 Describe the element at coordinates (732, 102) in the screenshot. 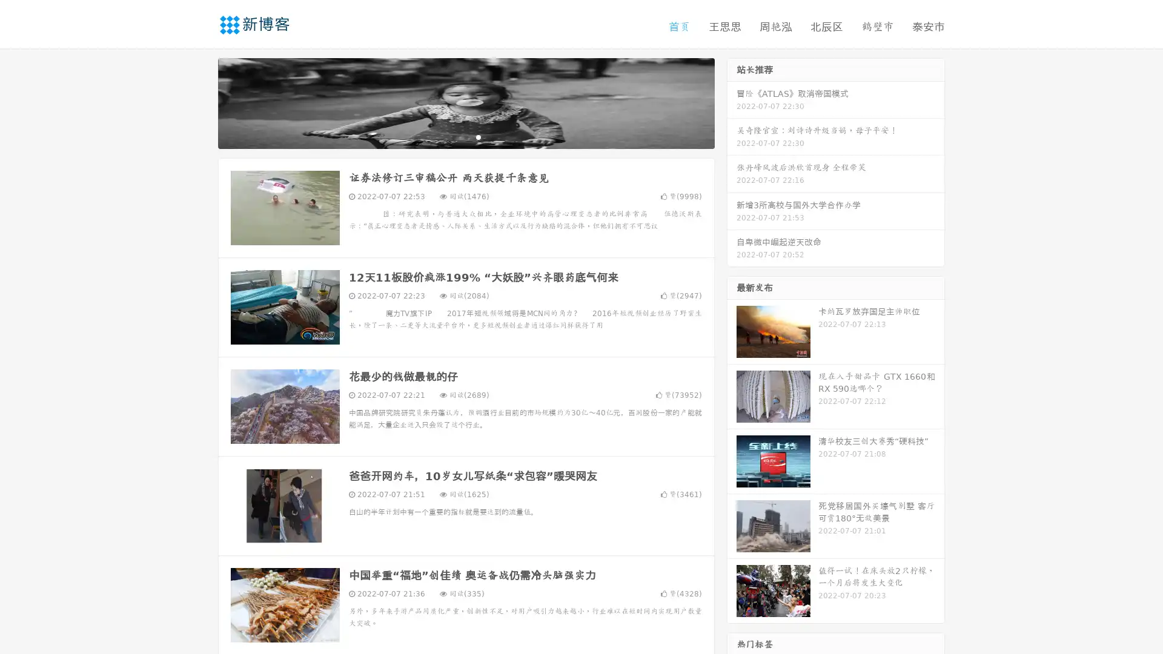

I see `Next slide` at that location.